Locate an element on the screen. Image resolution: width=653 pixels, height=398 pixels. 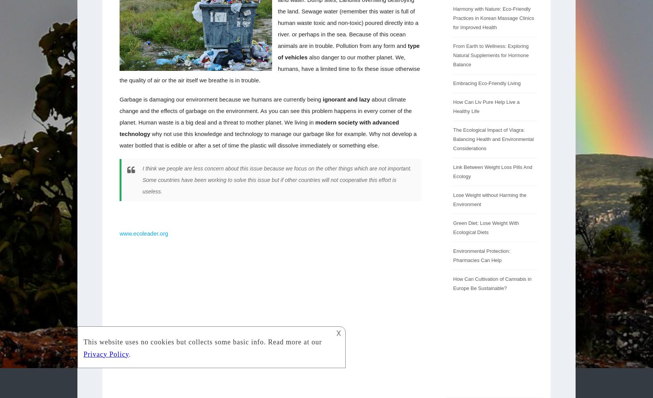
'Harmony with Nature: Eco-Friendly Practices in Korean Massage Clinics for Improved Health' is located at coordinates (493, 18).